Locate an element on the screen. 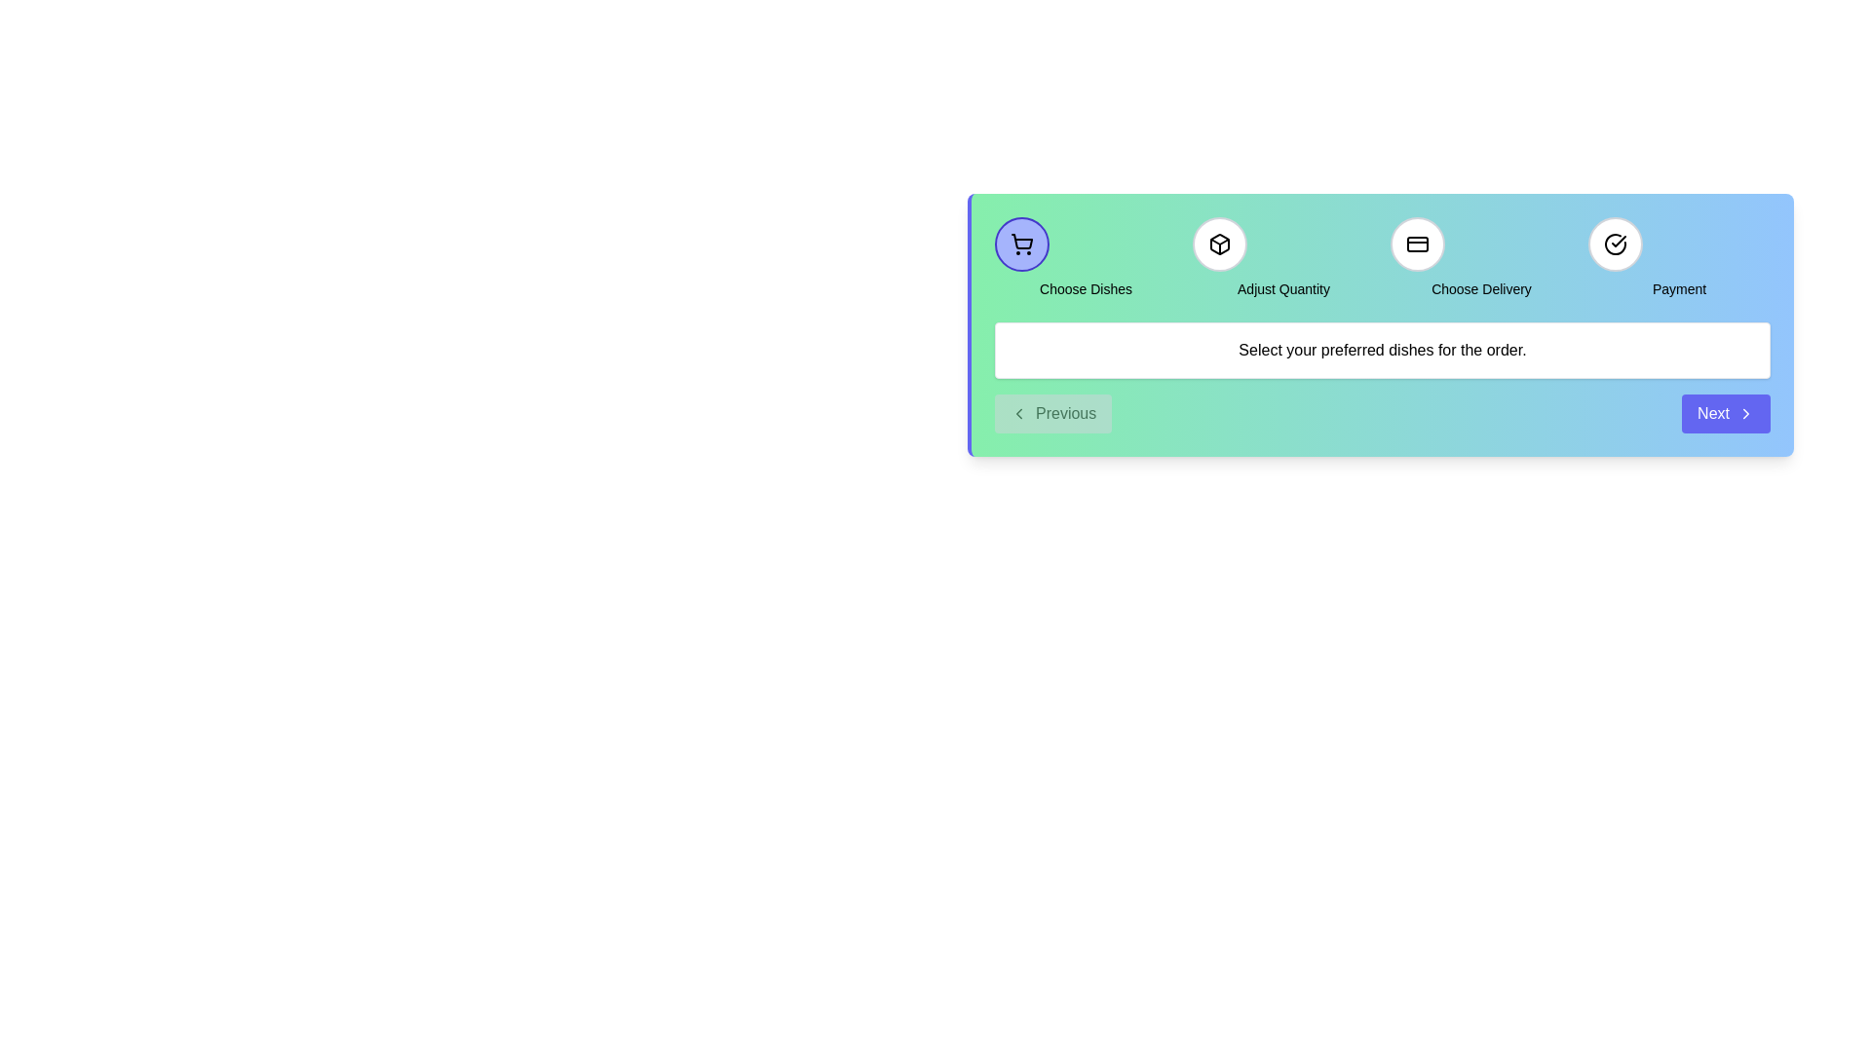 Image resolution: width=1871 pixels, height=1052 pixels. the button with an icon that allows users to choose dishes for their order, positioned as the first button in a horizontal sequence under the 'Choose Dishes' title is located at coordinates (1021, 243).